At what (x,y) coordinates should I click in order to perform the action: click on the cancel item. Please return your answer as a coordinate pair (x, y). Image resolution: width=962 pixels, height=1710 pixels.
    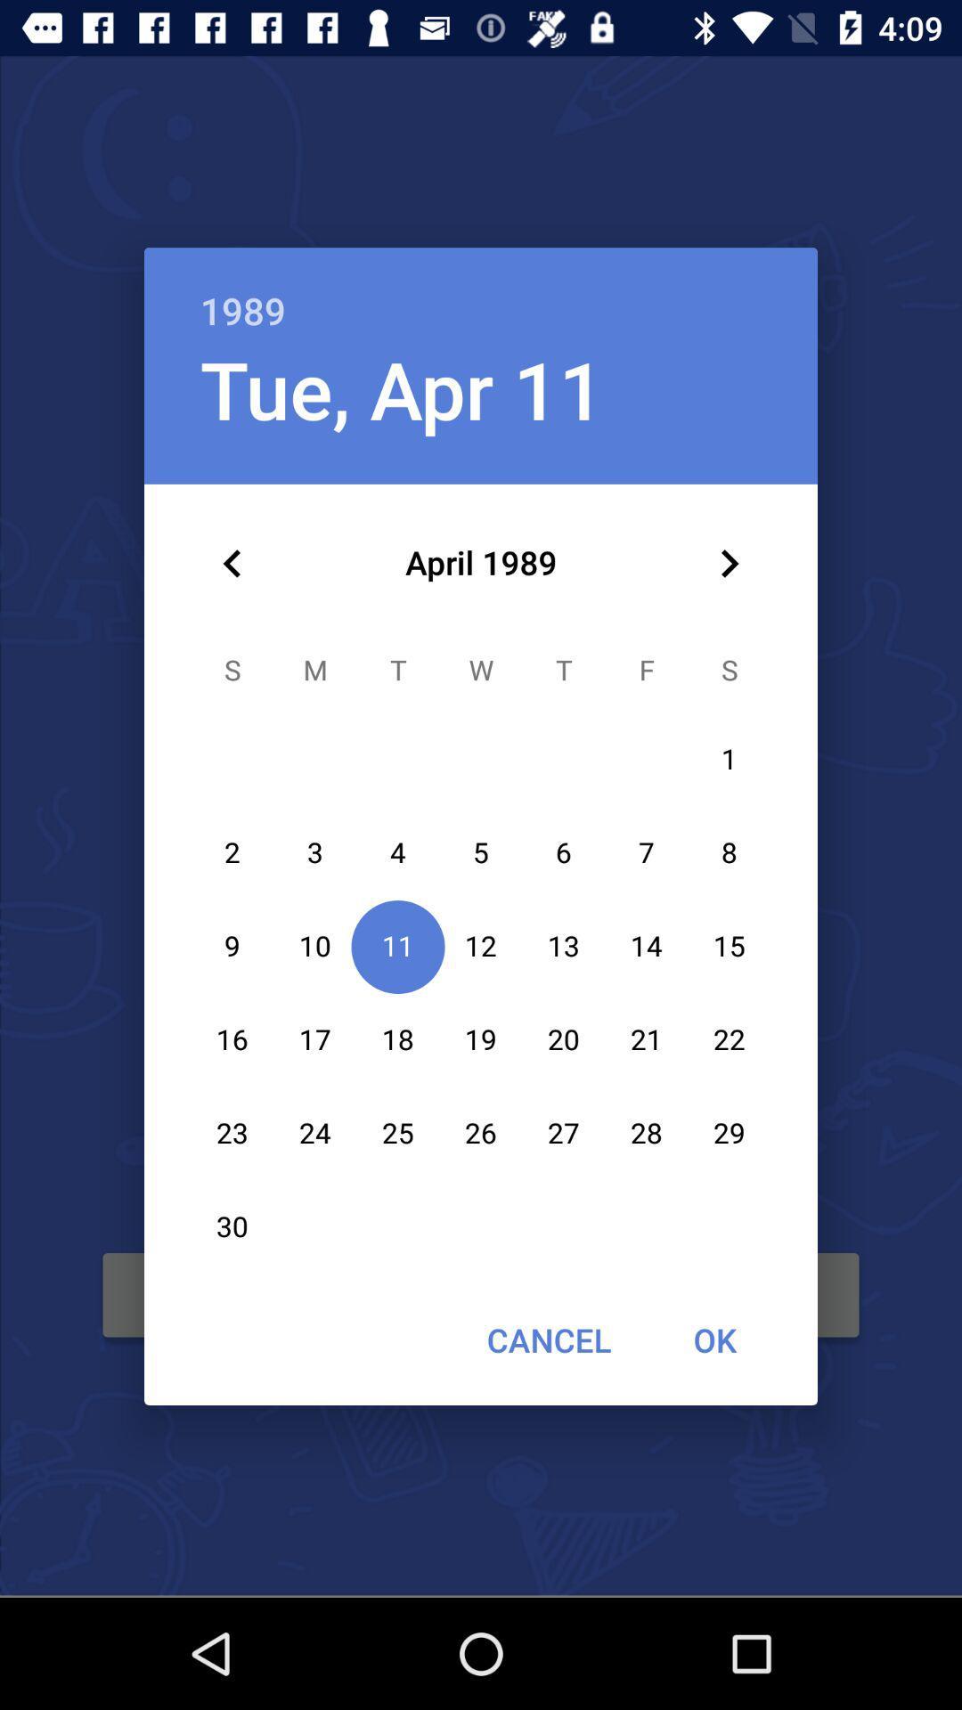
    Looking at the image, I should click on (548, 1339).